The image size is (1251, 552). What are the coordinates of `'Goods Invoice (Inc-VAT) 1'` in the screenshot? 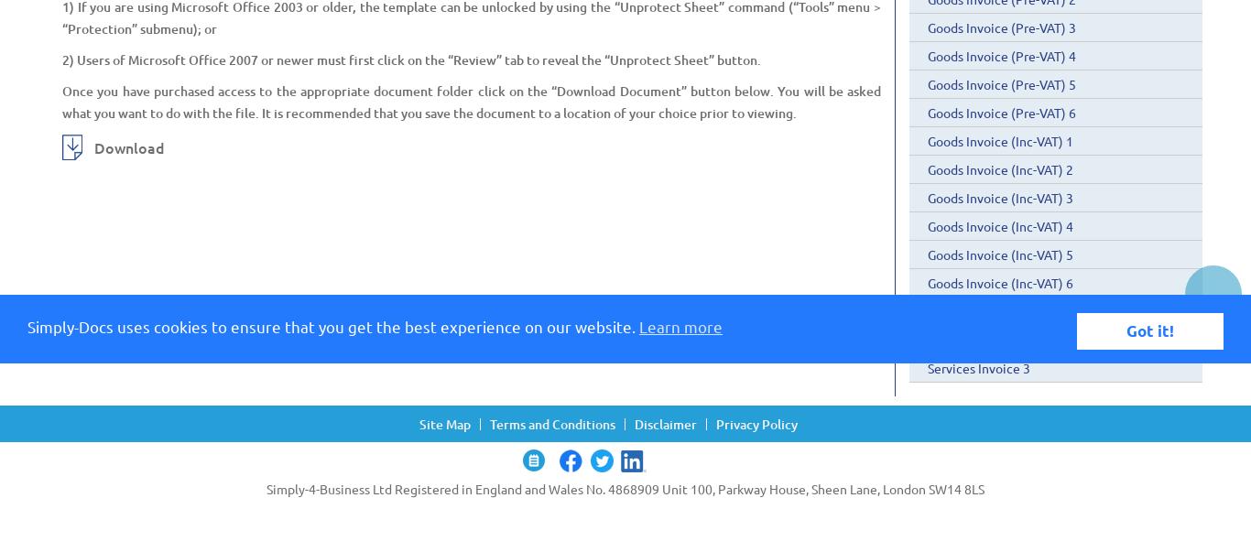 It's located at (999, 141).